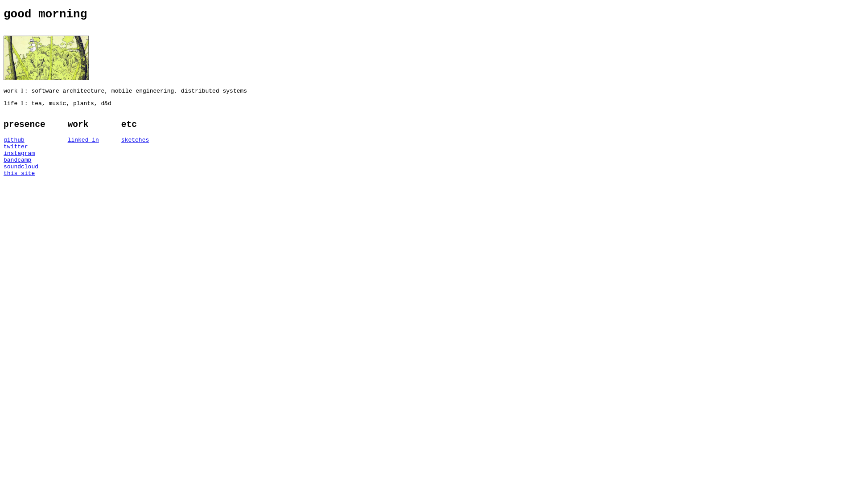  Describe the element at coordinates (24, 140) in the screenshot. I see `'github'` at that location.